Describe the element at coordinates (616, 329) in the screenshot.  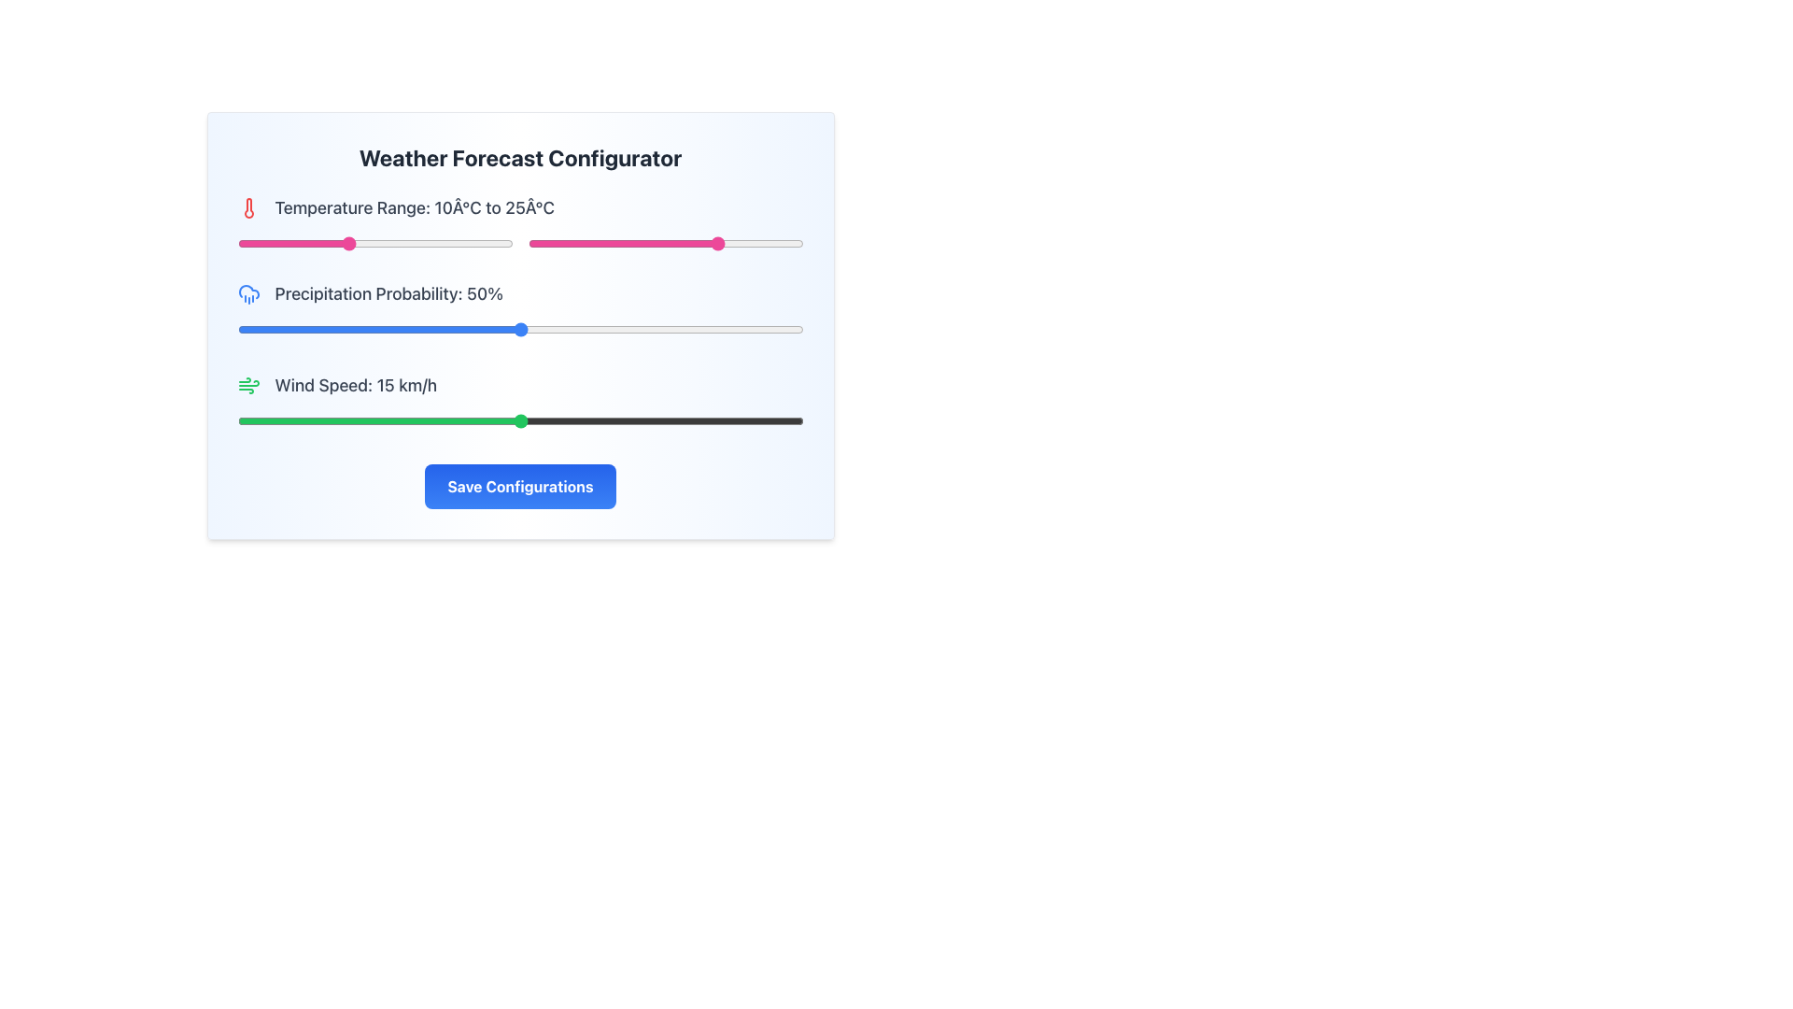
I see `the precipitation probability` at that location.